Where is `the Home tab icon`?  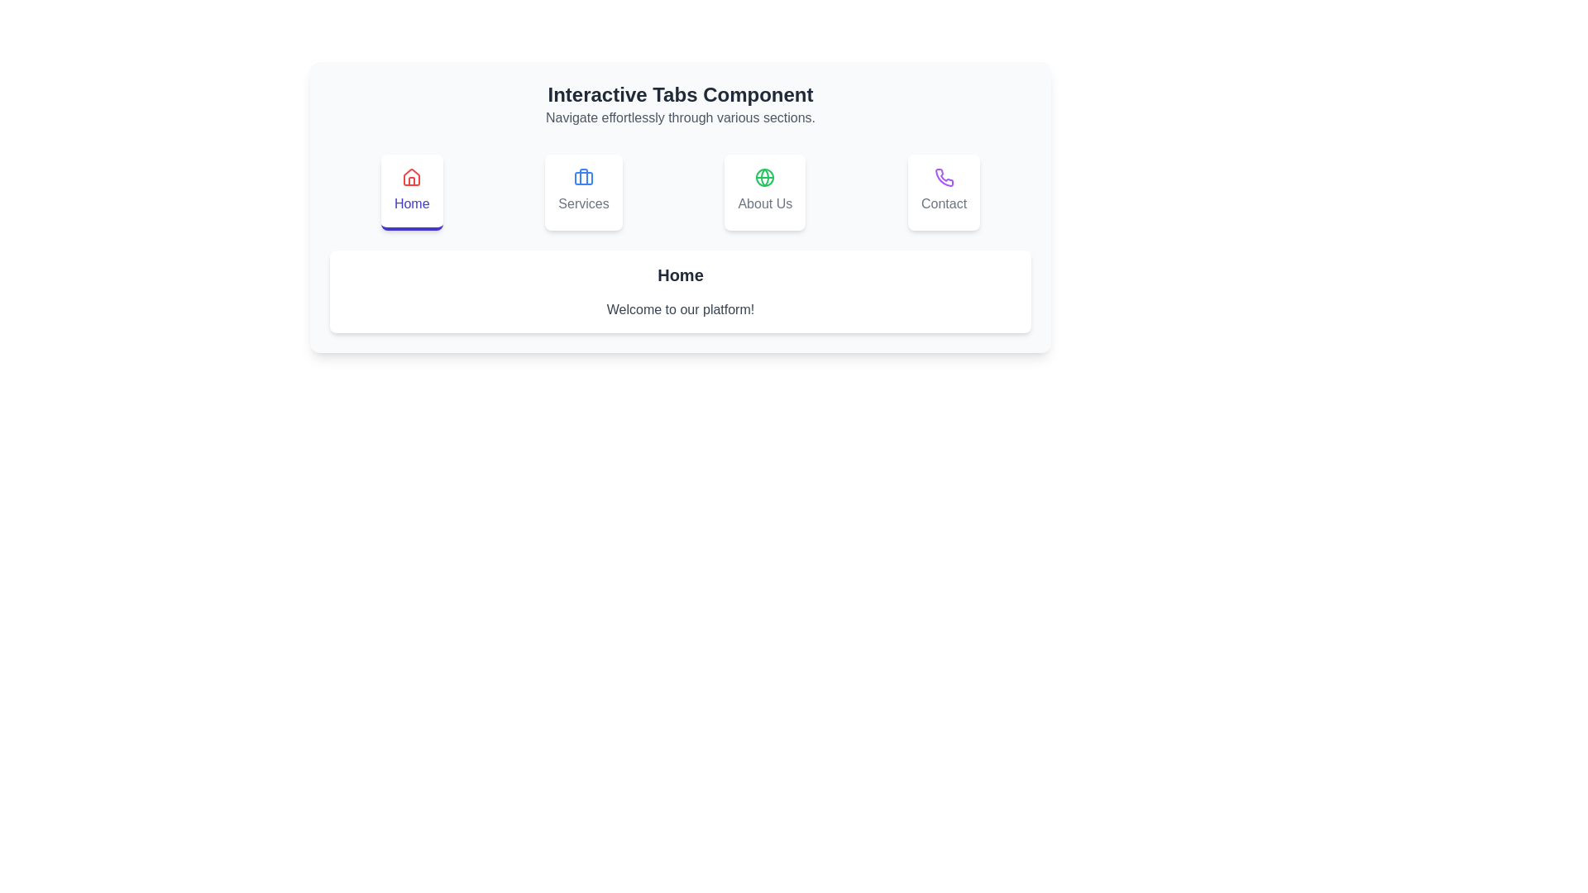
the Home tab icon is located at coordinates (412, 191).